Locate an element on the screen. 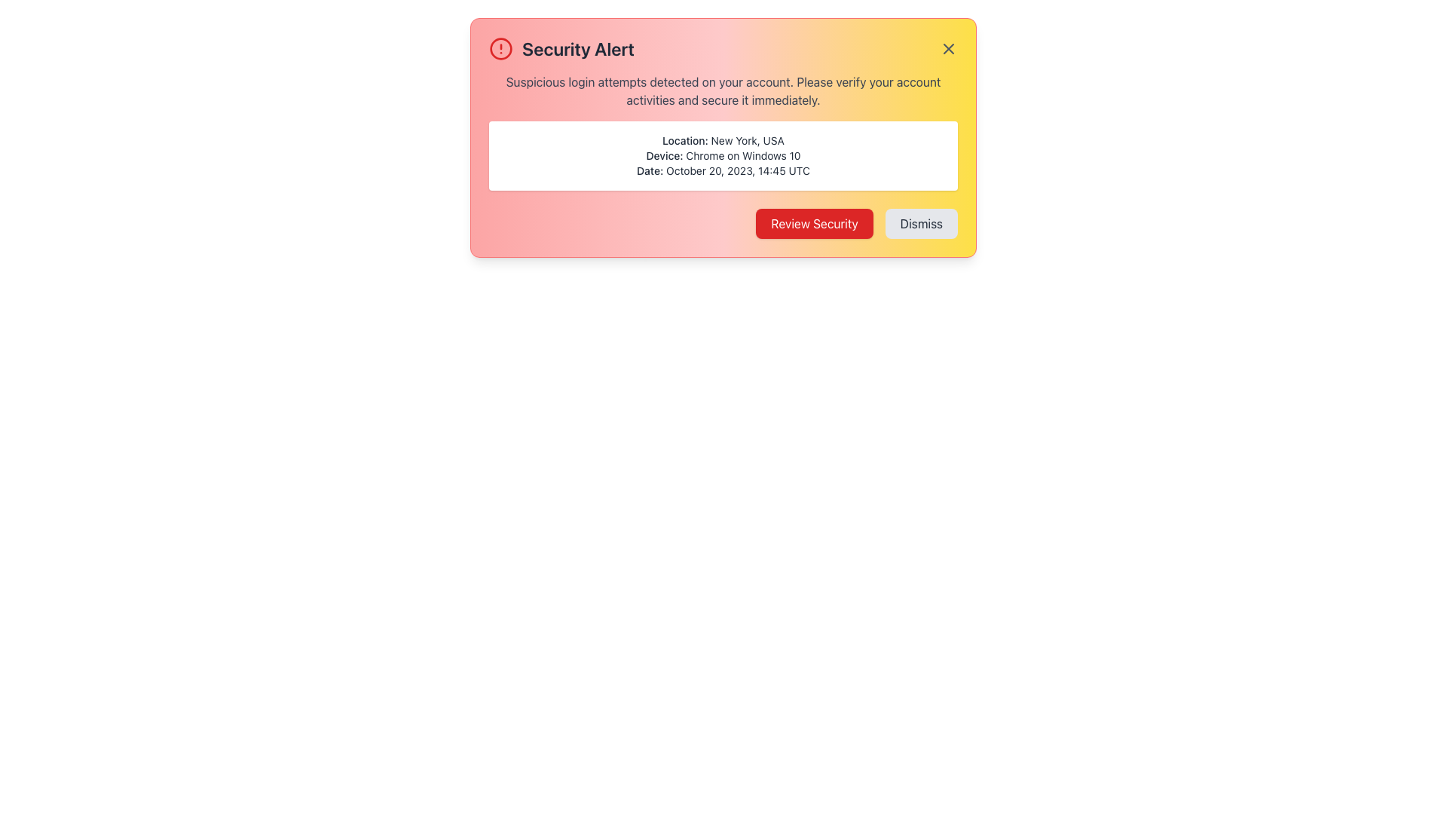 Image resolution: width=1447 pixels, height=814 pixels. security warning text displayed in the notification box located below the 'Security Alert' title and above the details about location, device, and date is located at coordinates (723, 90).